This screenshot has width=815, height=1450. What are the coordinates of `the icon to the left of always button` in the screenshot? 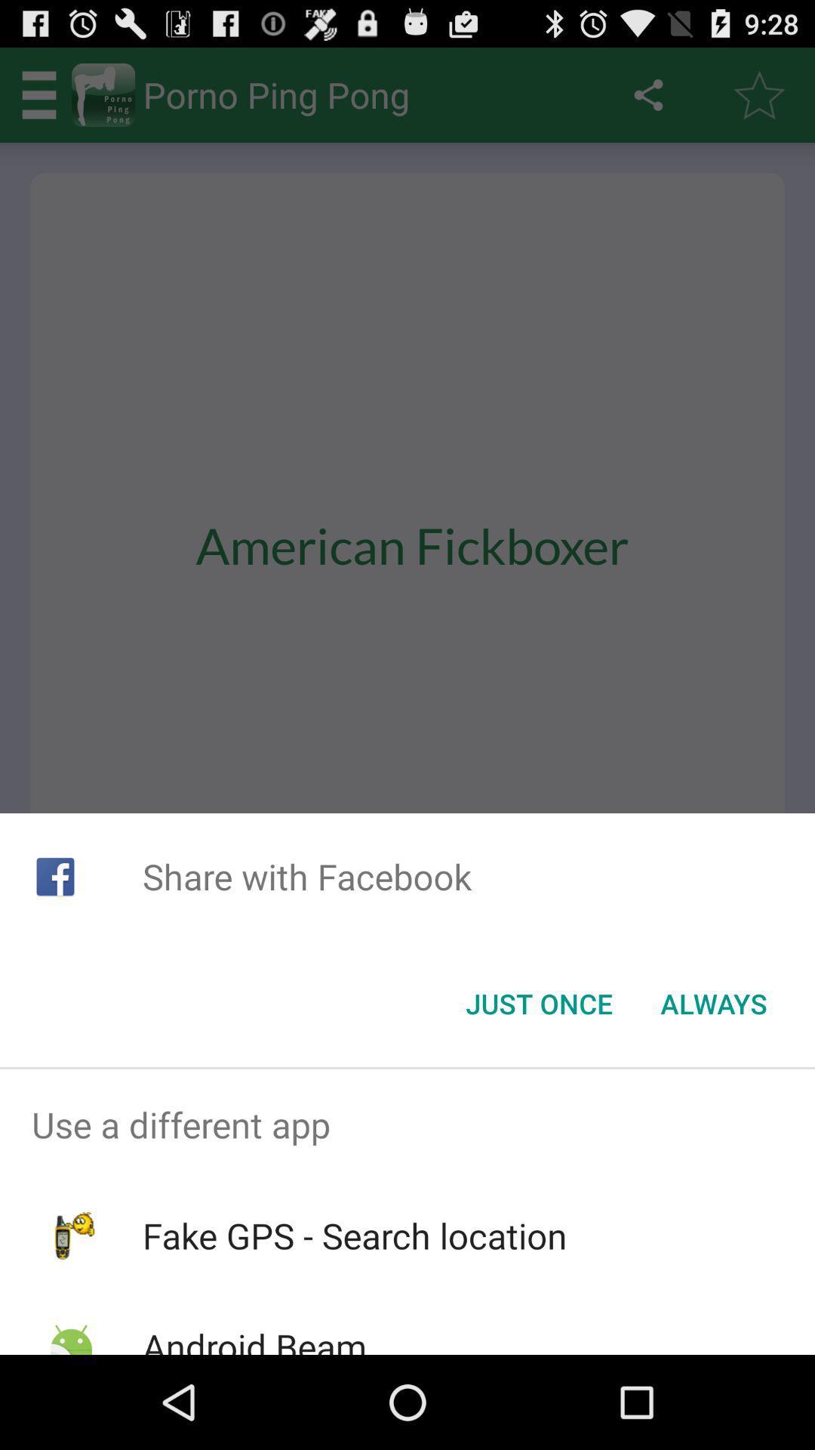 It's located at (538, 1004).